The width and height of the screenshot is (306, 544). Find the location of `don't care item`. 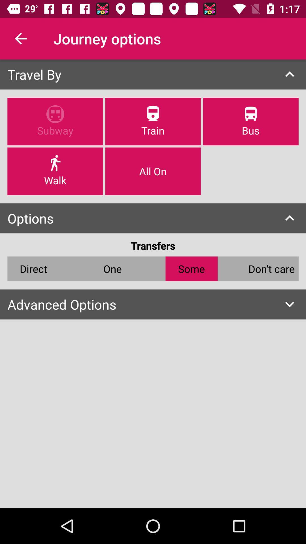

don't care item is located at coordinates (271, 268).